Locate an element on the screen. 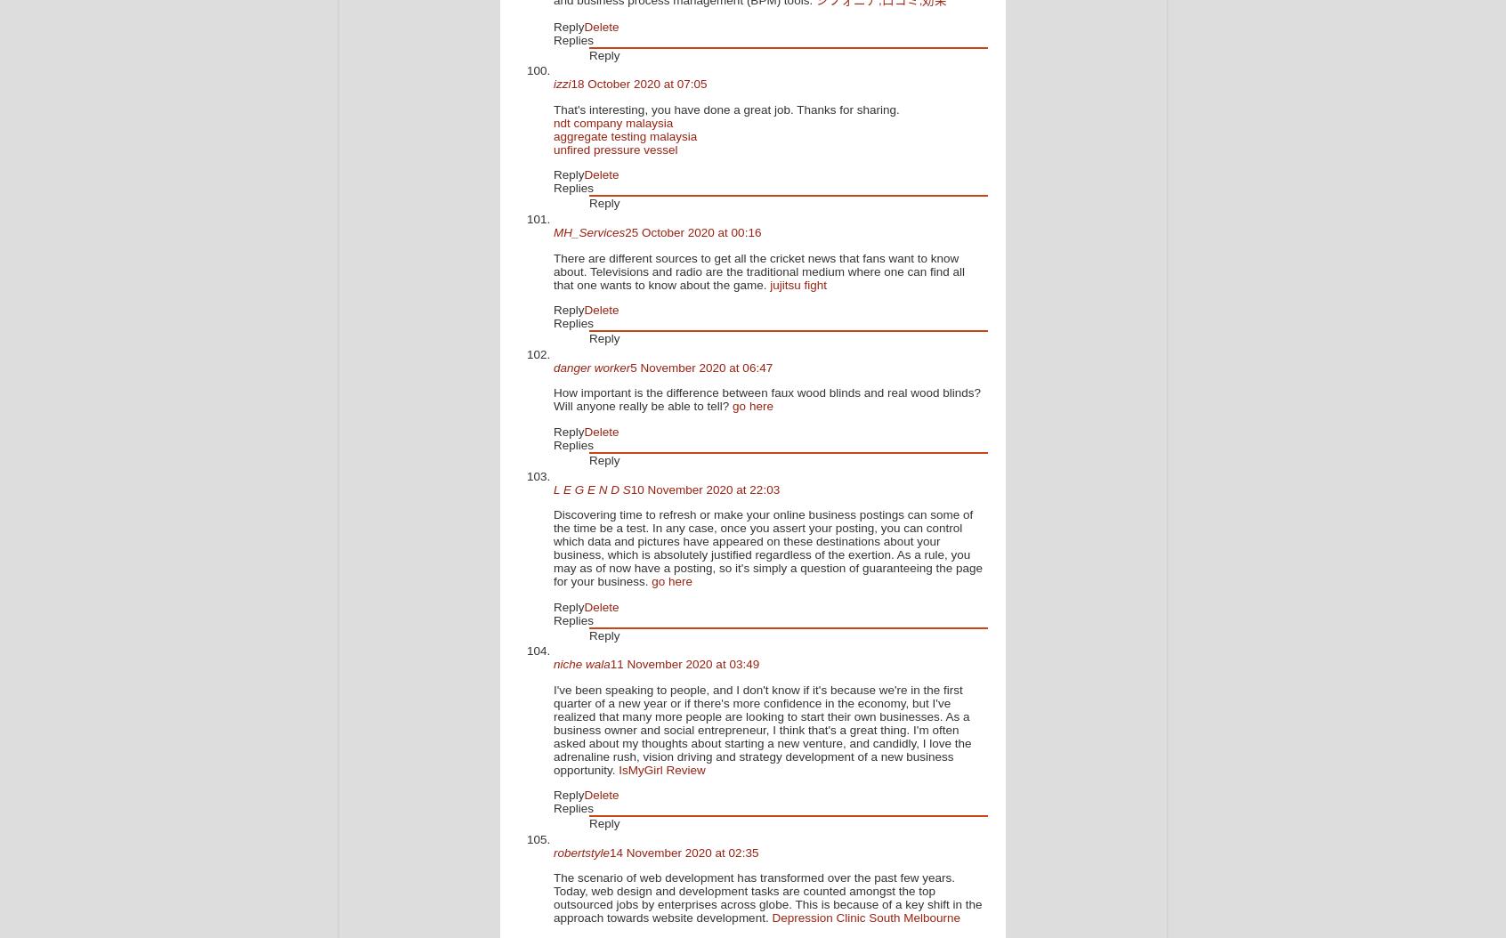  '11 November 2020 at 03:49' is located at coordinates (684, 664).